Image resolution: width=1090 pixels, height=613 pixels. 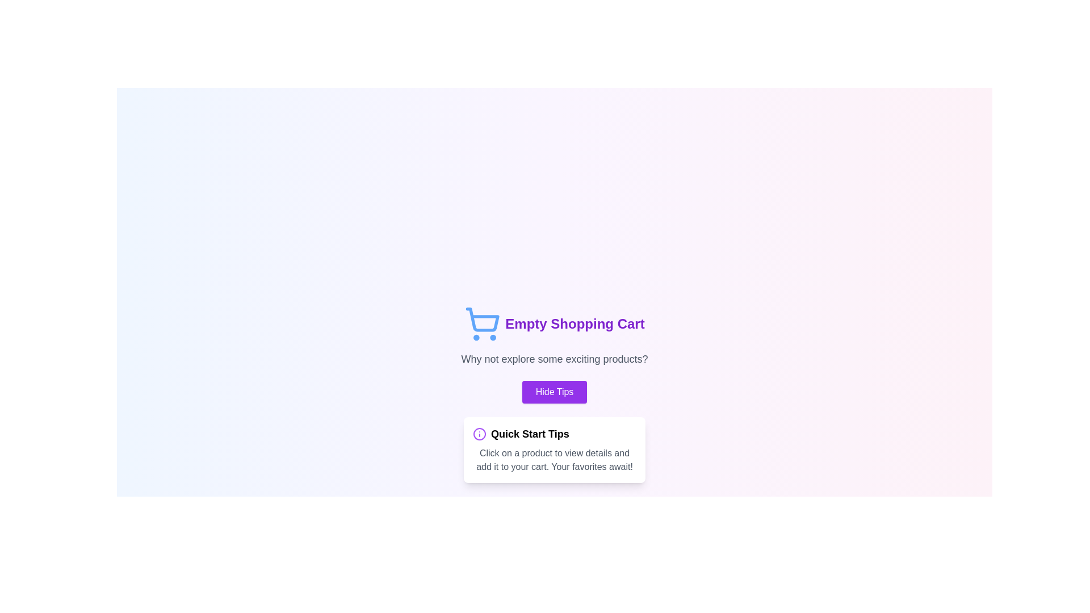 I want to click on the shopping cart icon that visually represents an empty shopping cart, located to the left of the text 'Empty Shopping Cart', so click(x=483, y=324).